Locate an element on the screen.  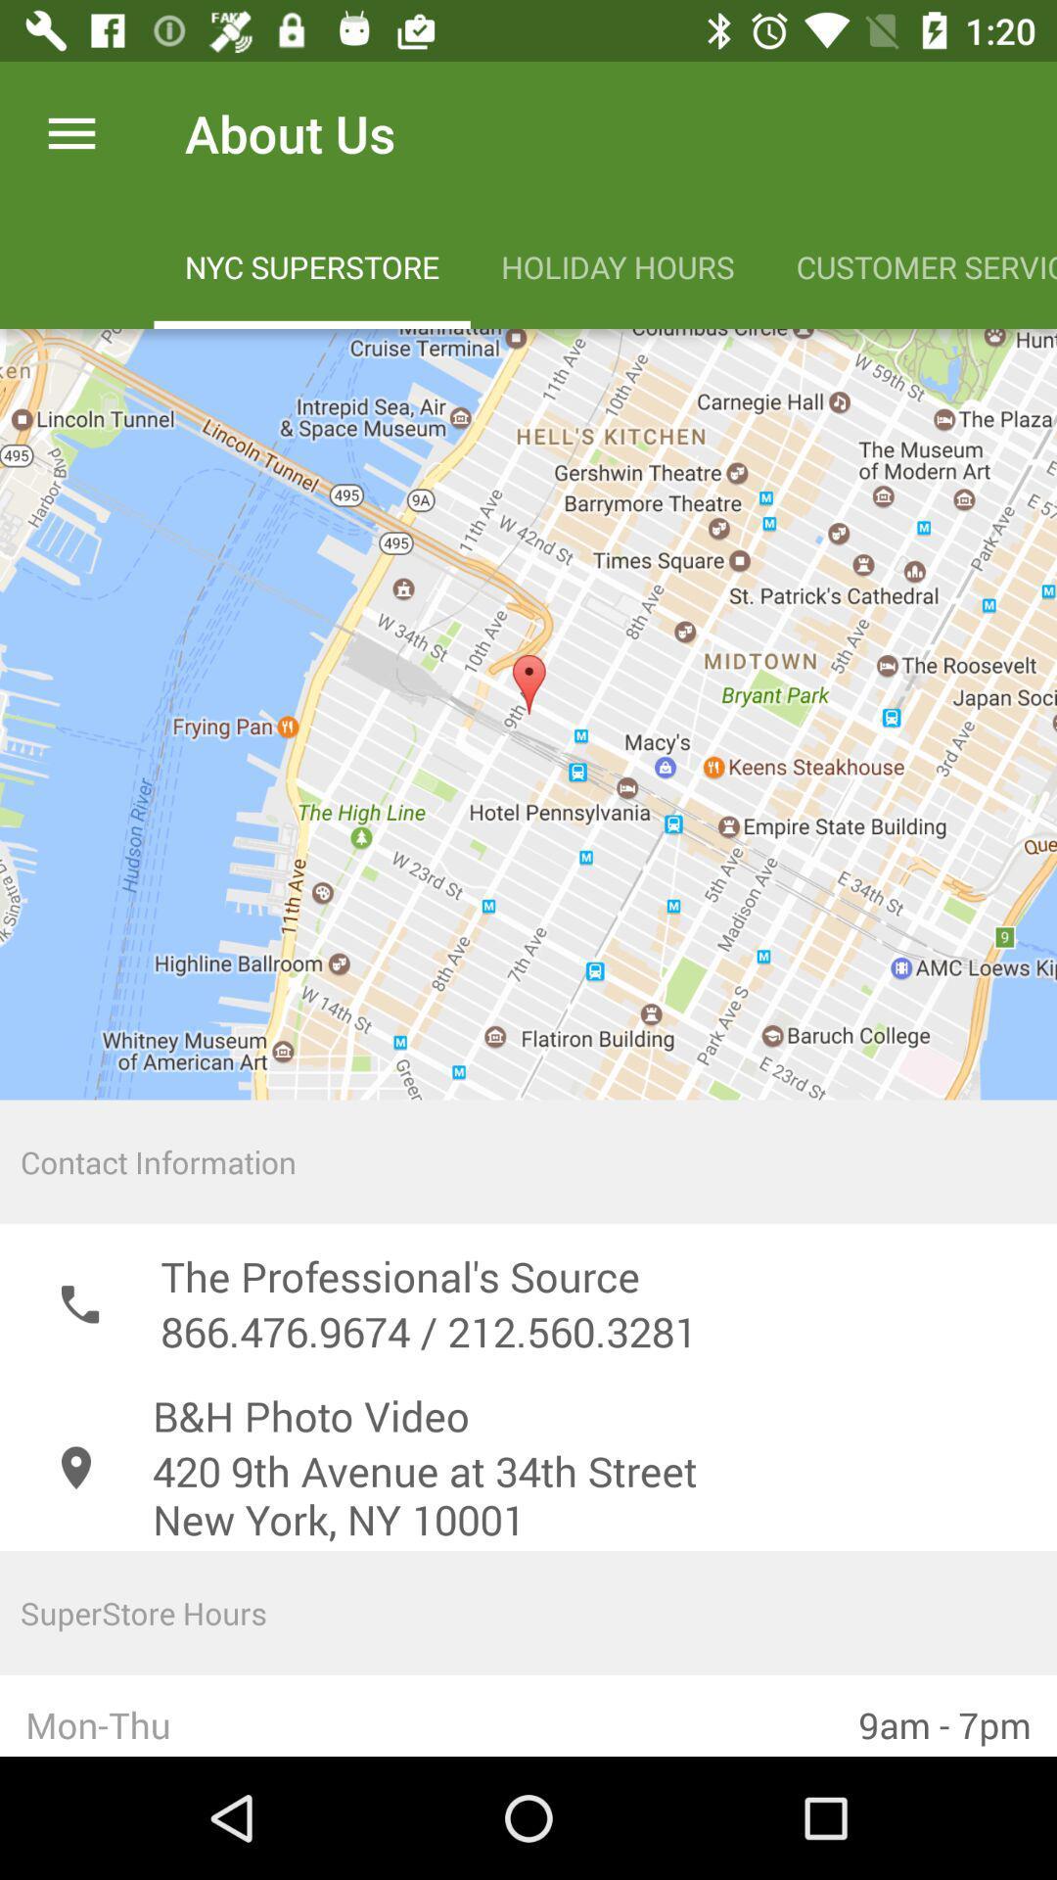
the 9am - 7pm is located at coordinates (943, 1715).